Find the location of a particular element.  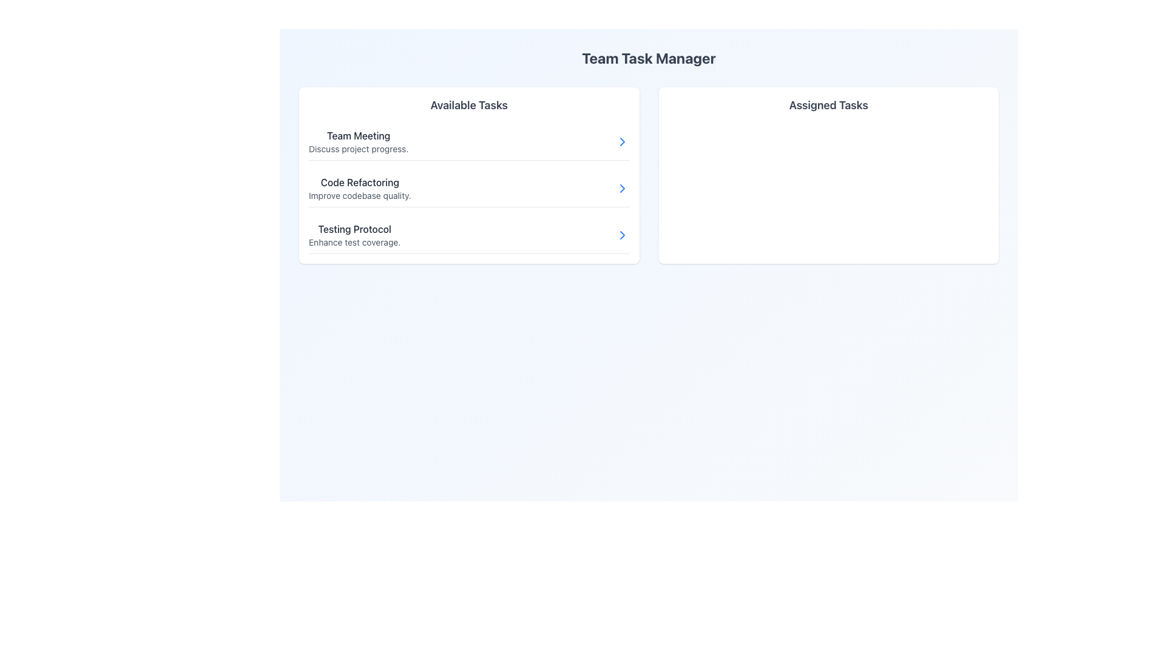

the textual heading element displaying 'Available Tasks', styled in bold and larger font, located at the top of a white rounded-rectangle card on the left side of the interface is located at coordinates (468, 104).